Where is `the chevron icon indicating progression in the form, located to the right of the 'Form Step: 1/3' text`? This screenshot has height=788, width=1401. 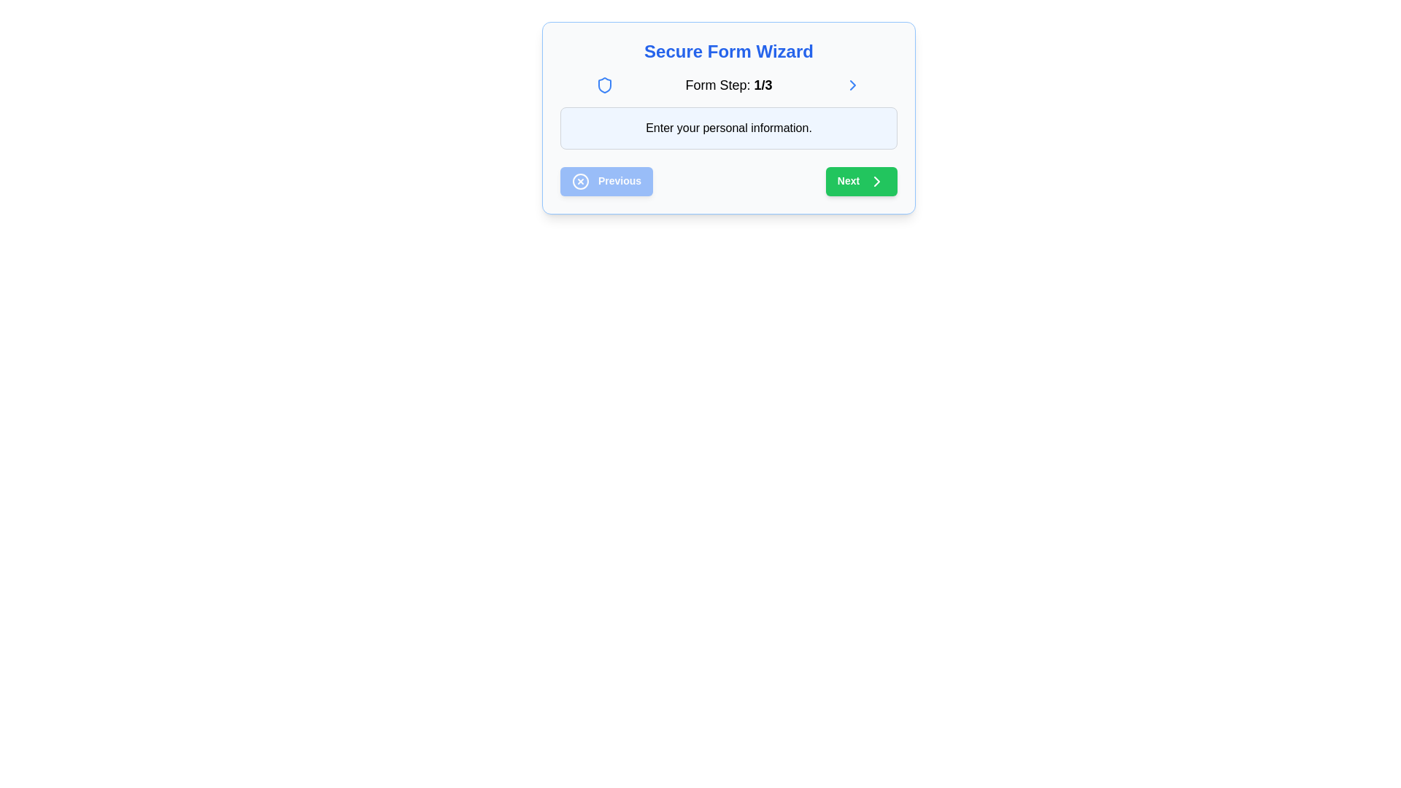
the chevron icon indicating progression in the form, located to the right of the 'Form Step: 1/3' text is located at coordinates (852, 85).